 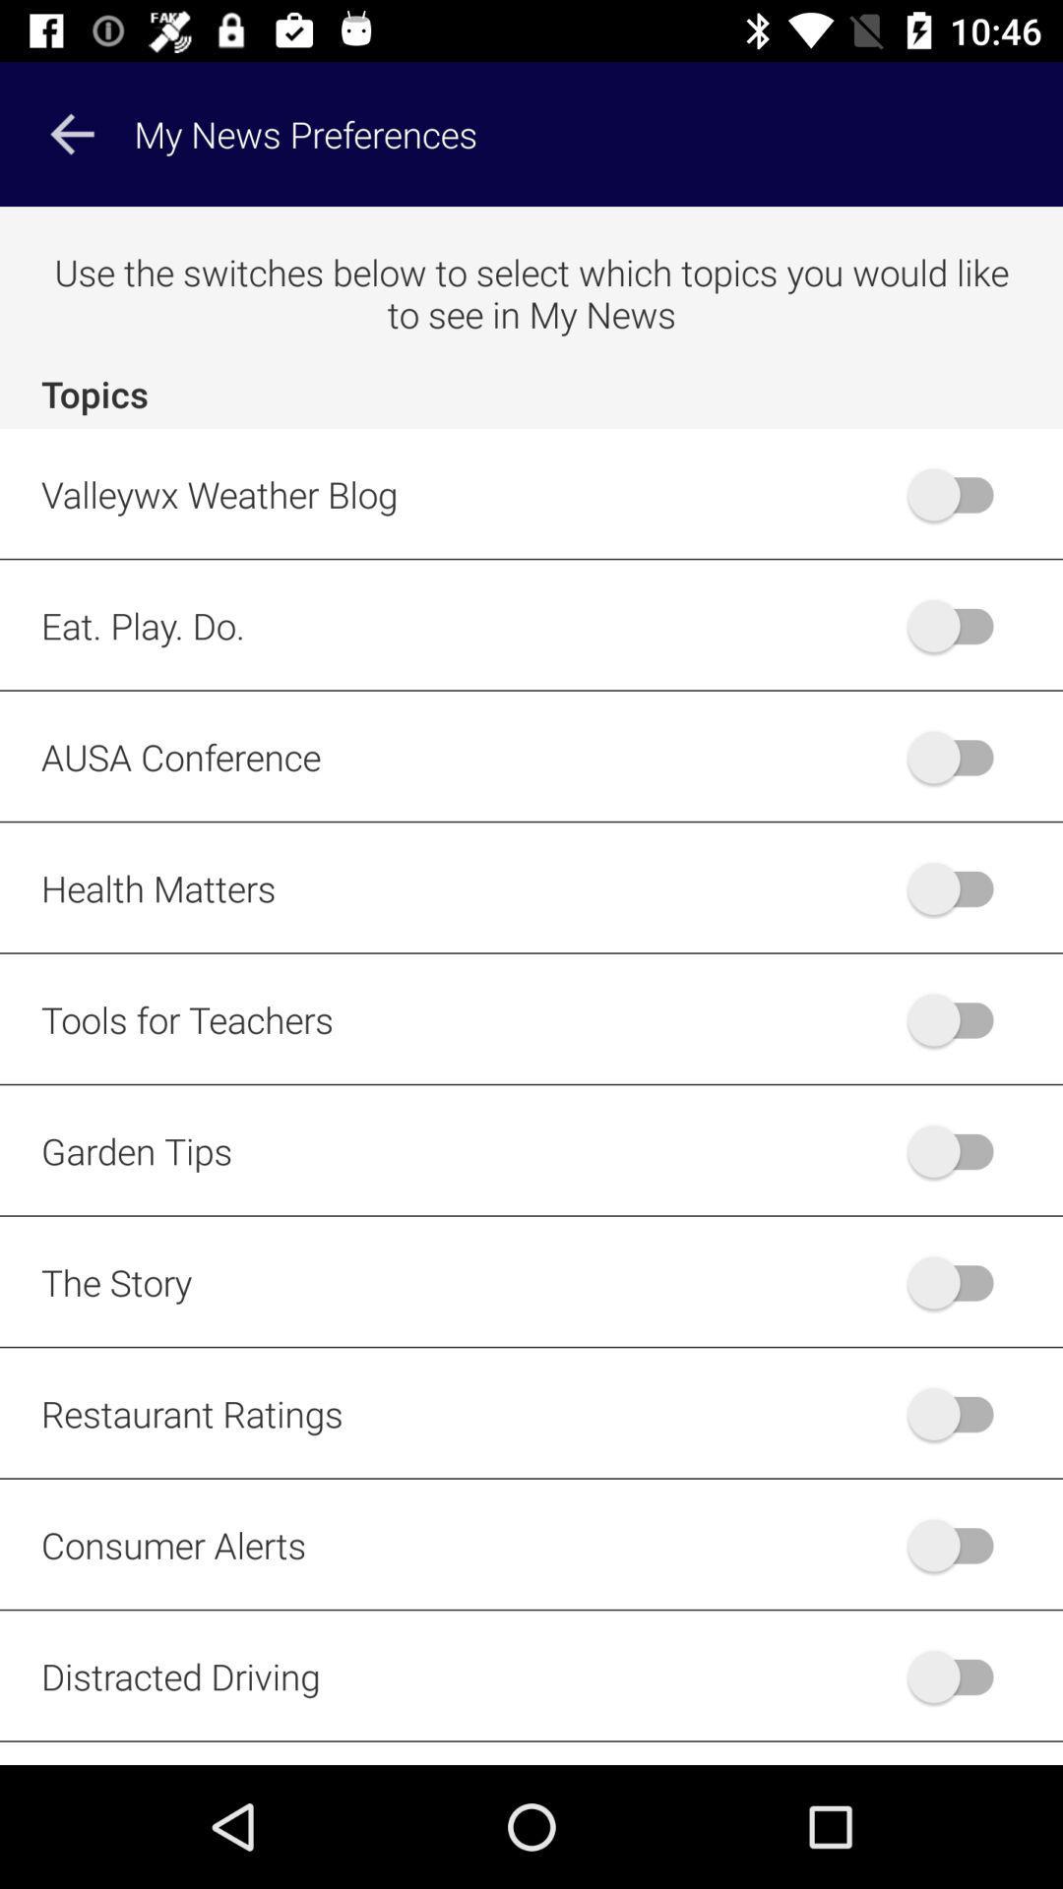 What do you see at coordinates (71, 133) in the screenshot?
I see `the app next to my news preferences icon` at bounding box center [71, 133].